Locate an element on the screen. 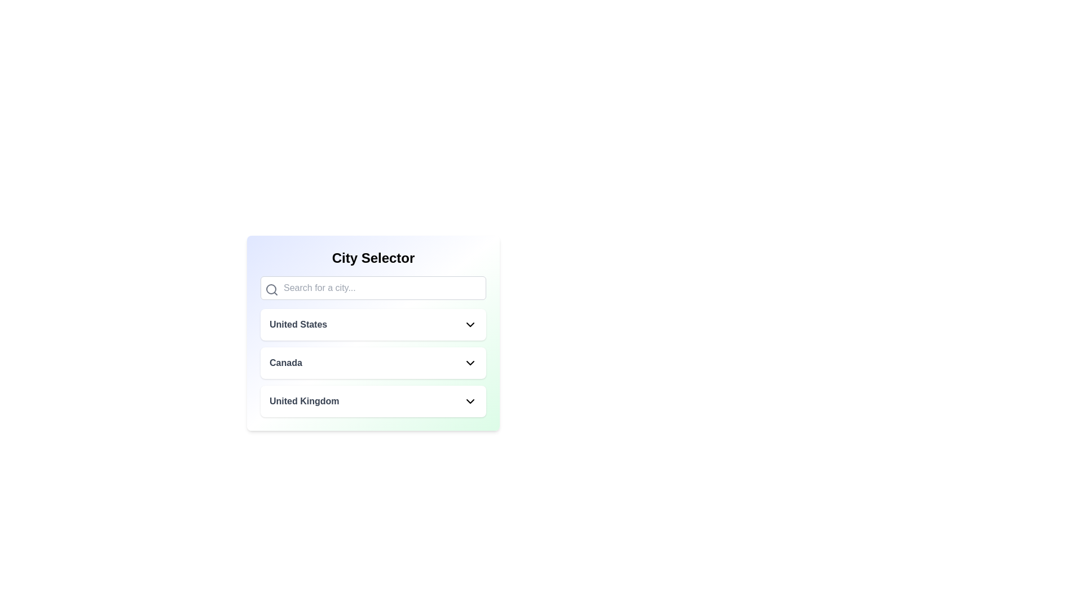 The width and height of the screenshot is (1083, 609). the 'United States' country option in the list component is located at coordinates (373, 332).